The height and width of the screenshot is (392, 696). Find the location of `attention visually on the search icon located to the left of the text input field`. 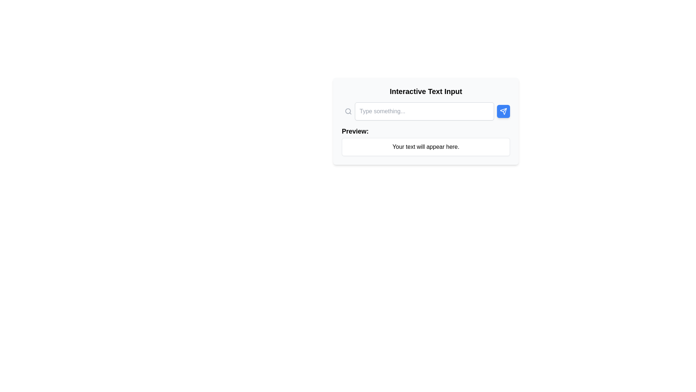

attention visually on the search icon located to the left of the text input field is located at coordinates (348, 111).